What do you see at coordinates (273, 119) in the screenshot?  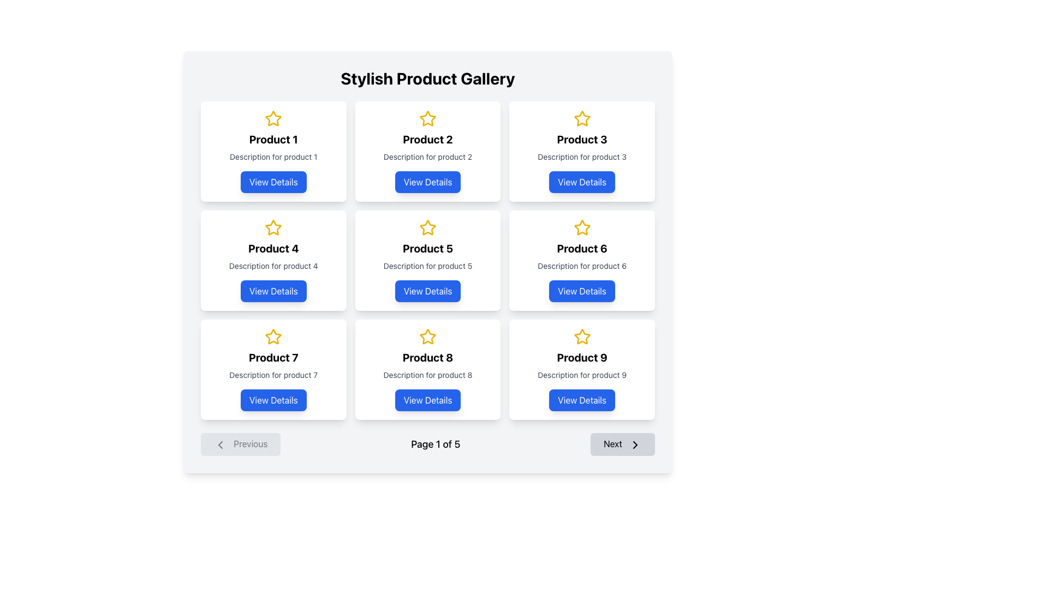 I see `the star icon with a yellow outline` at bounding box center [273, 119].